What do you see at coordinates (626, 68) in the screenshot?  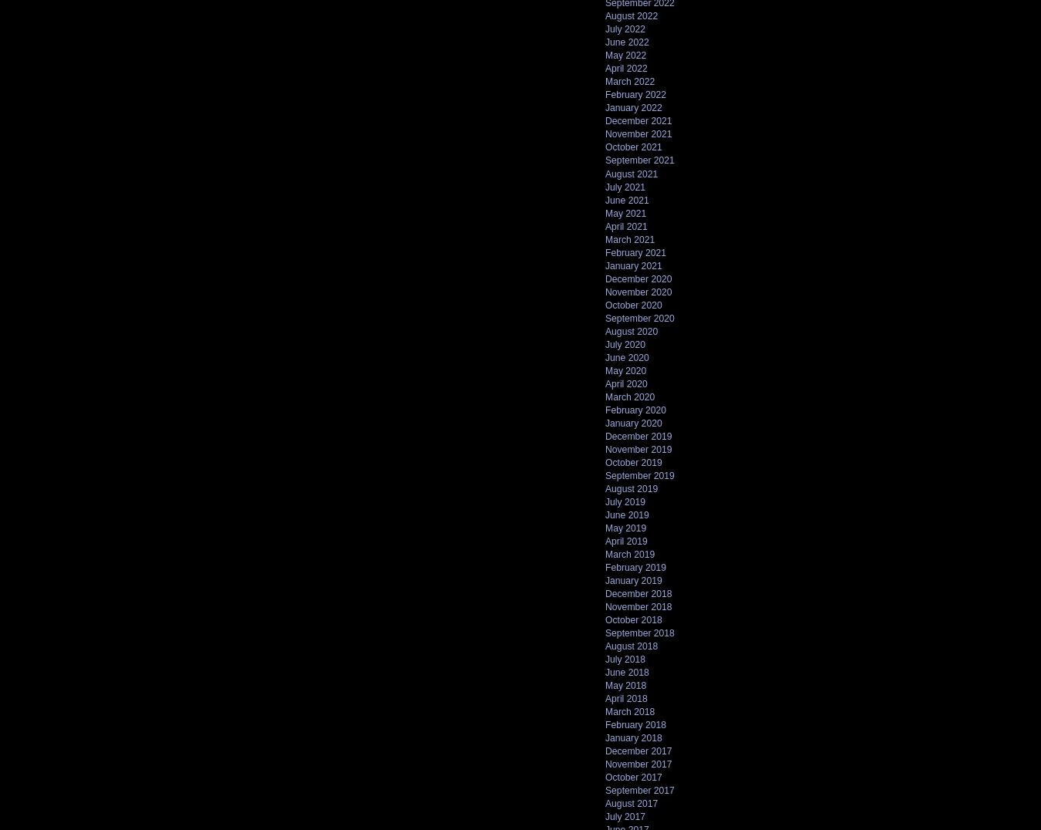 I see `'April 2022'` at bounding box center [626, 68].